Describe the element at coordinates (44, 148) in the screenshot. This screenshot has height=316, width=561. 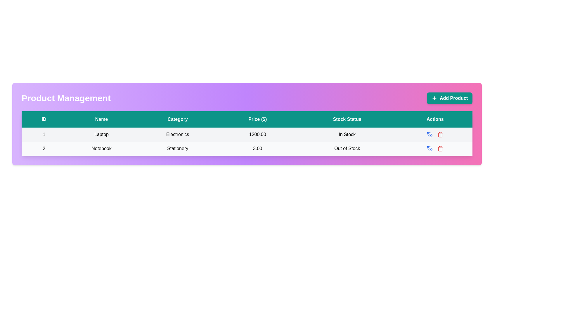
I see `the text element that serves as the unique ID for the product 'Notebook' located in the first column of the second row under the 'ID' header in the 'Product Management' table` at that location.